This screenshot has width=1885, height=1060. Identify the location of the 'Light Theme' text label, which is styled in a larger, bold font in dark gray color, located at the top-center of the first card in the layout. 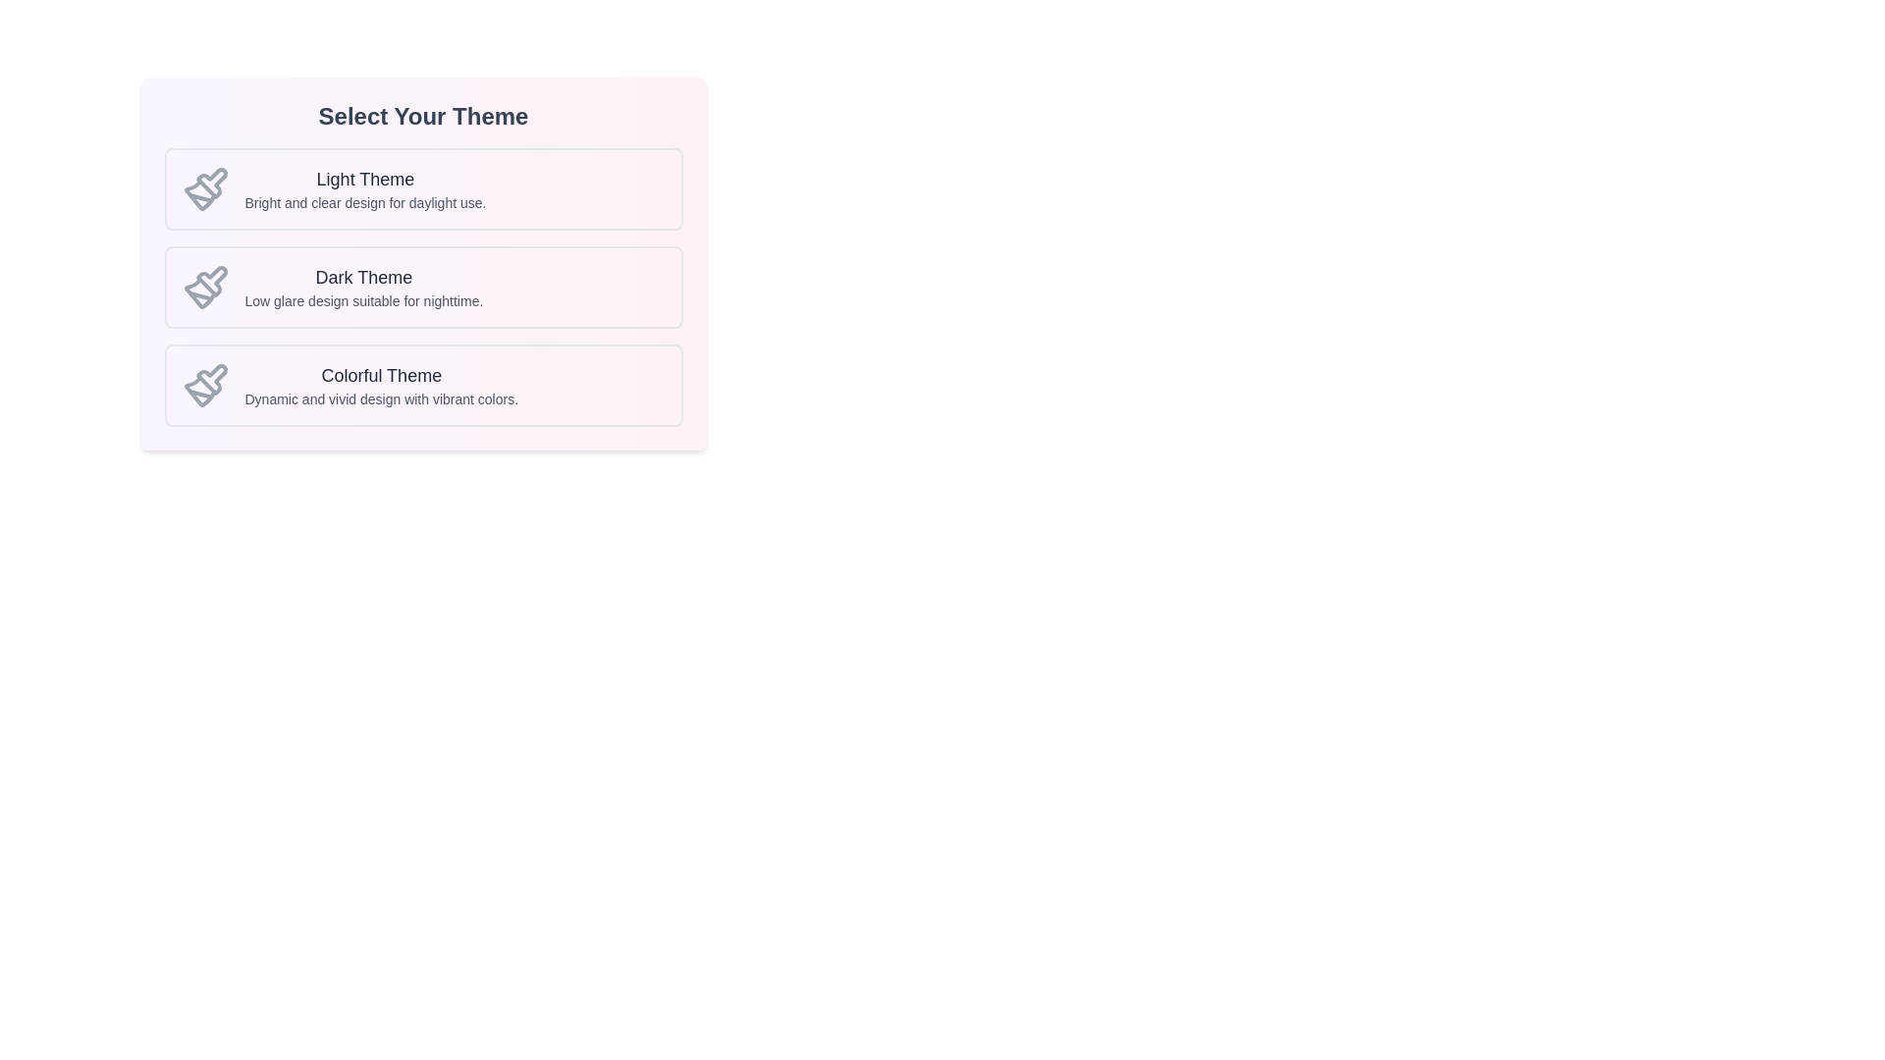
(365, 179).